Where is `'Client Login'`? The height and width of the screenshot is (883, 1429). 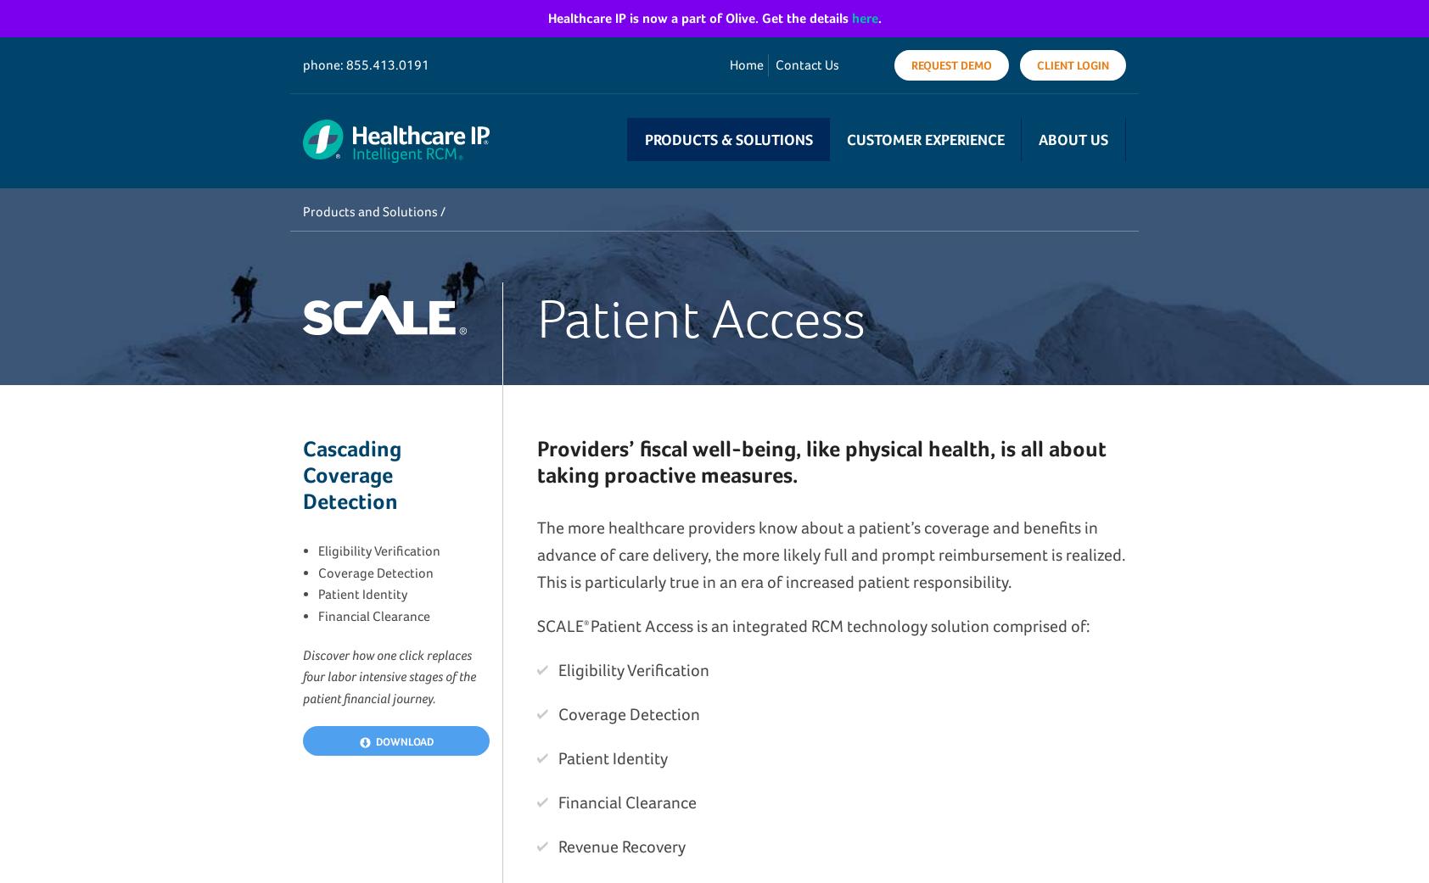 'Client Login' is located at coordinates (1072, 64).